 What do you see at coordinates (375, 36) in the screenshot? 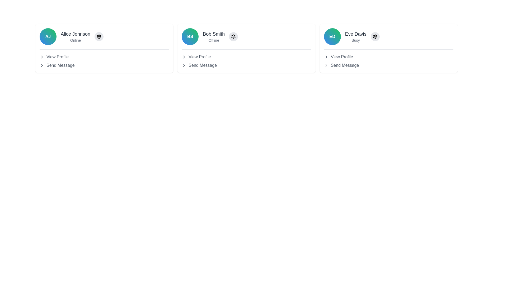
I see `the settings button located at the top-right corner of Eve Davis's profile card, adjacent to the status text 'Busy'` at bounding box center [375, 36].